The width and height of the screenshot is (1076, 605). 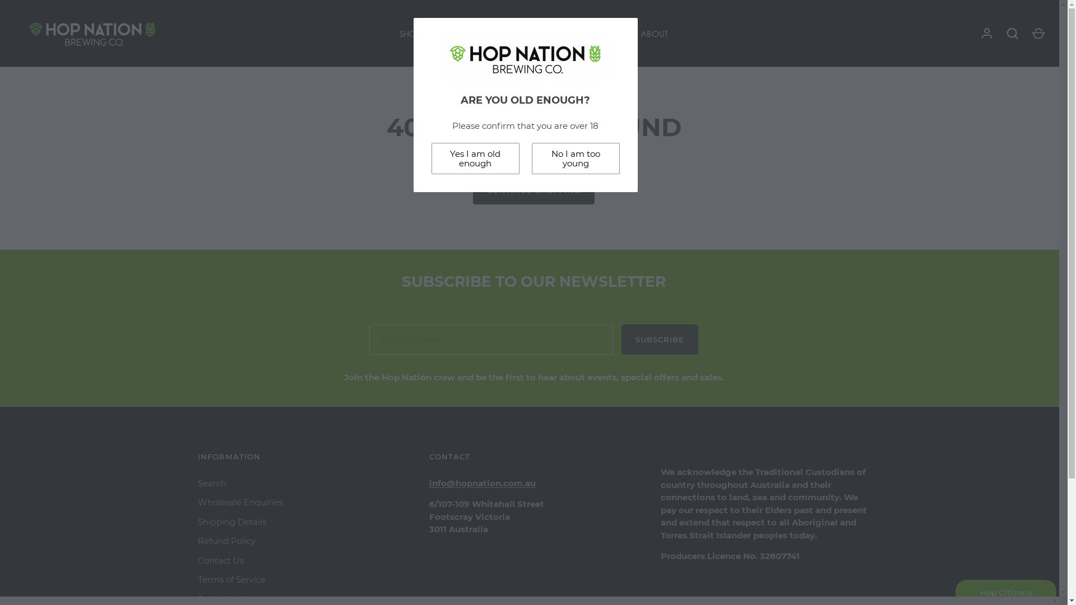 What do you see at coordinates (197, 598) in the screenshot?
I see `'Refund policy'` at bounding box center [197, 598].